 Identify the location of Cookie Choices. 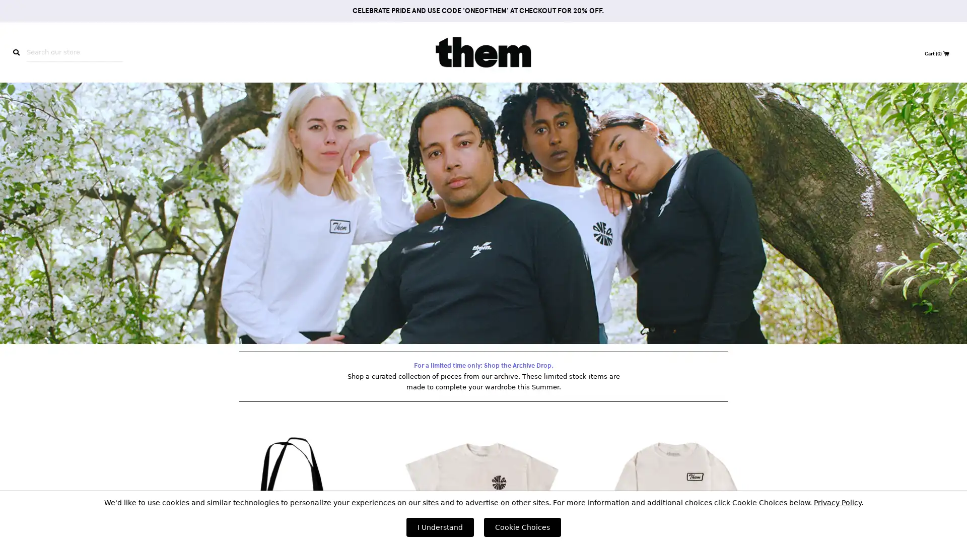
(522, 526).